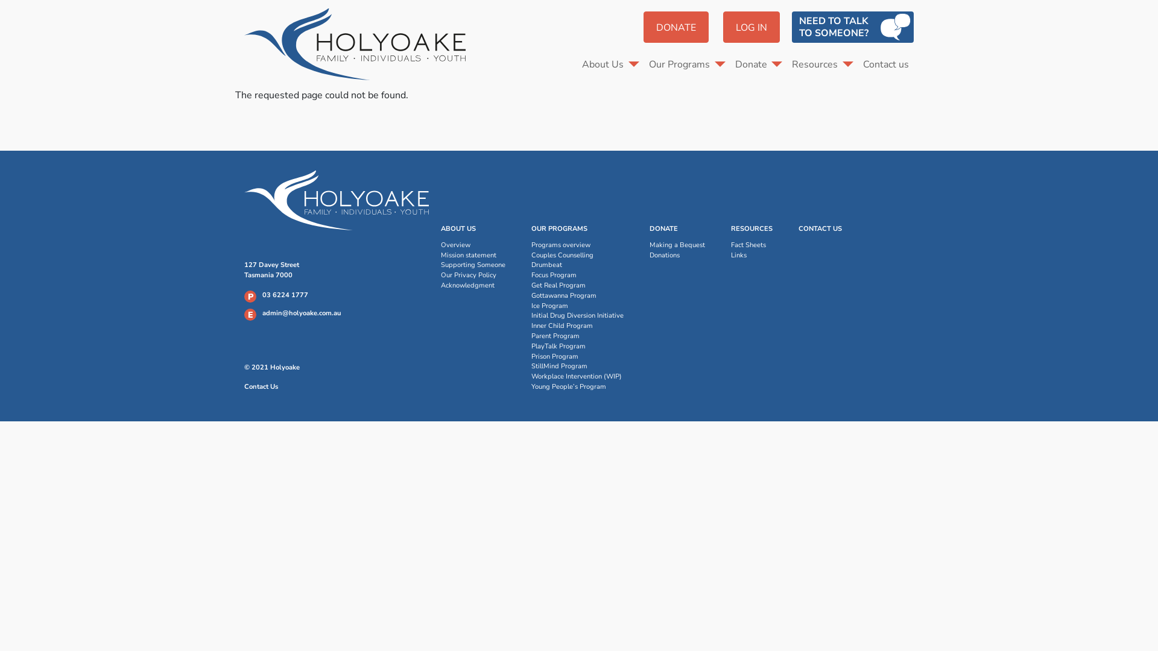  I want to click on 'Parent Program', so click(577, 336).